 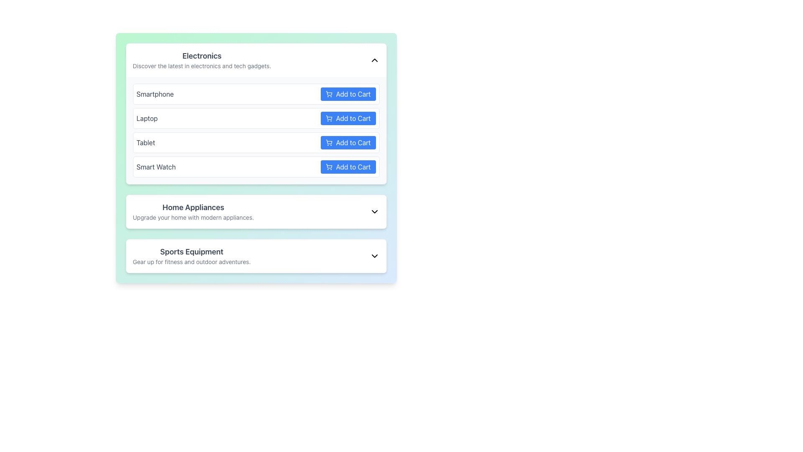 What do you see at coordinates (329, 167) in the screenshot?
I see `the leftmost icon inside the 'Add to Cart' button for the 'Smart Watch' in the 'Electronics' section, which indicates adding an item to the cart` at bounding box center [329, 167].